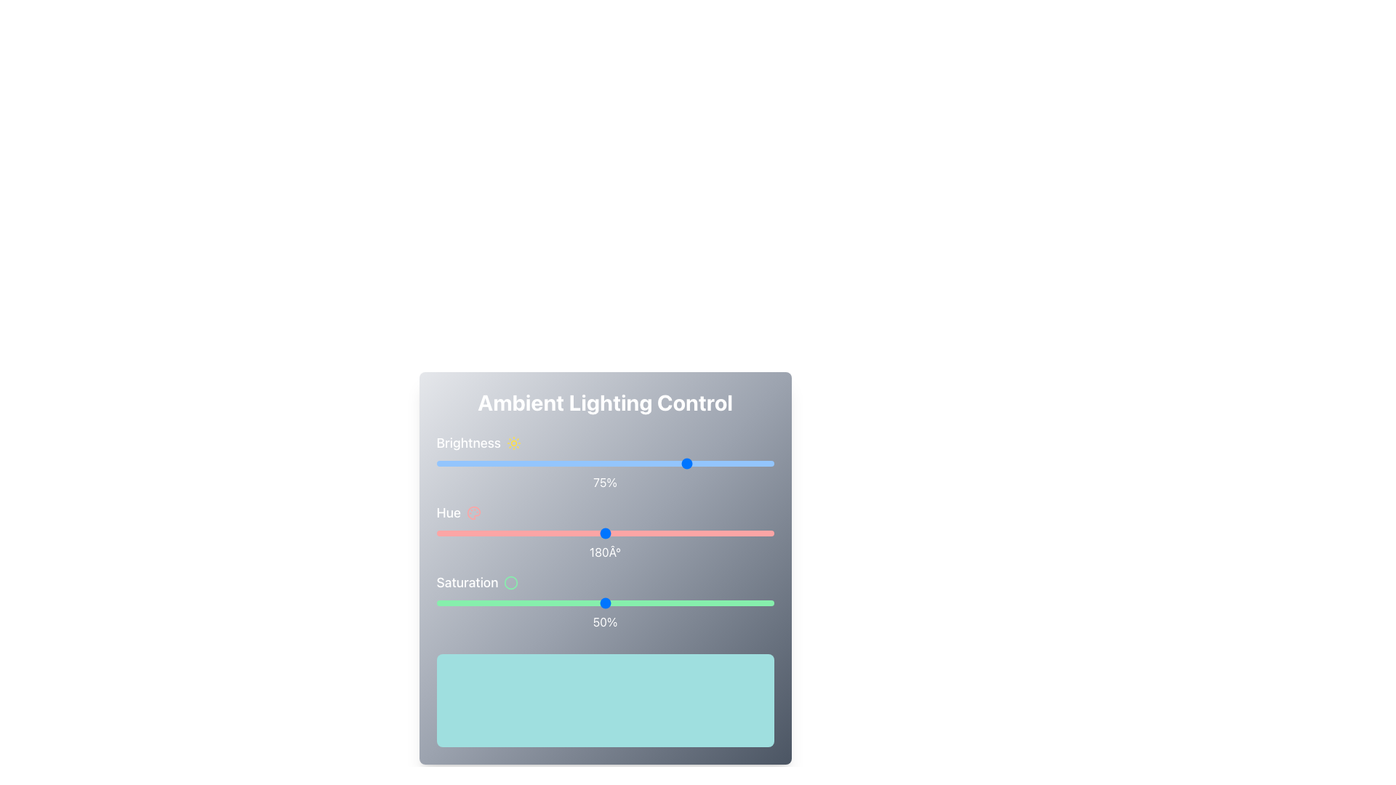 This screenshot has height=785, width=1396. Describe the element at coordinates (605, 532) in the screenshot. I see `the slider control for 'Hue'` at that location.